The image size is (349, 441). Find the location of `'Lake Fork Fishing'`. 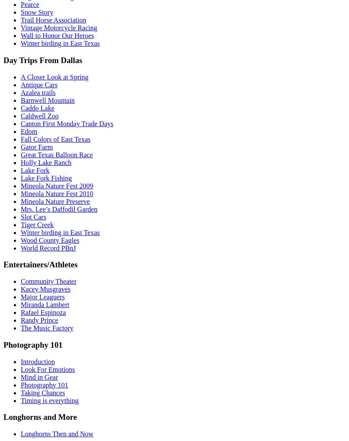

'Lake Fork Fishing' is located at coordinates (46, 177).